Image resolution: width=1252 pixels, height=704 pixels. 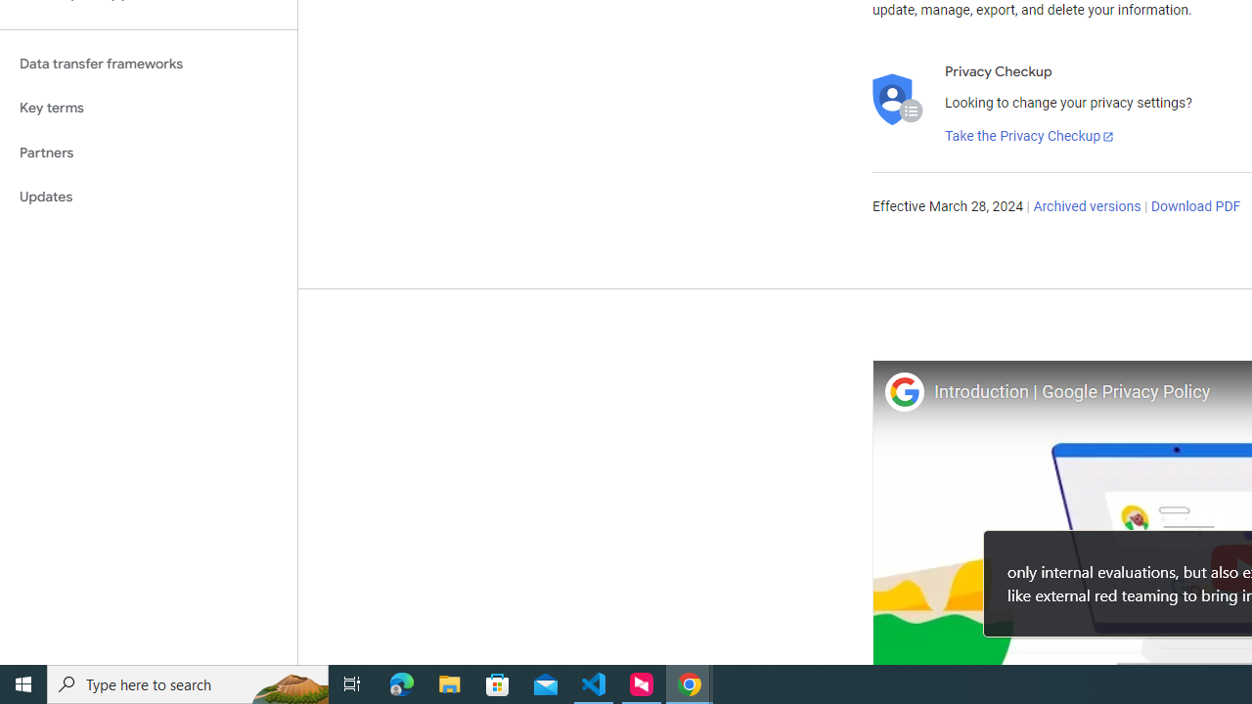 What do you see at coordinates (148, 108) in the screenshot?
I see `'Key terms'` at bounding box center [148, 108].